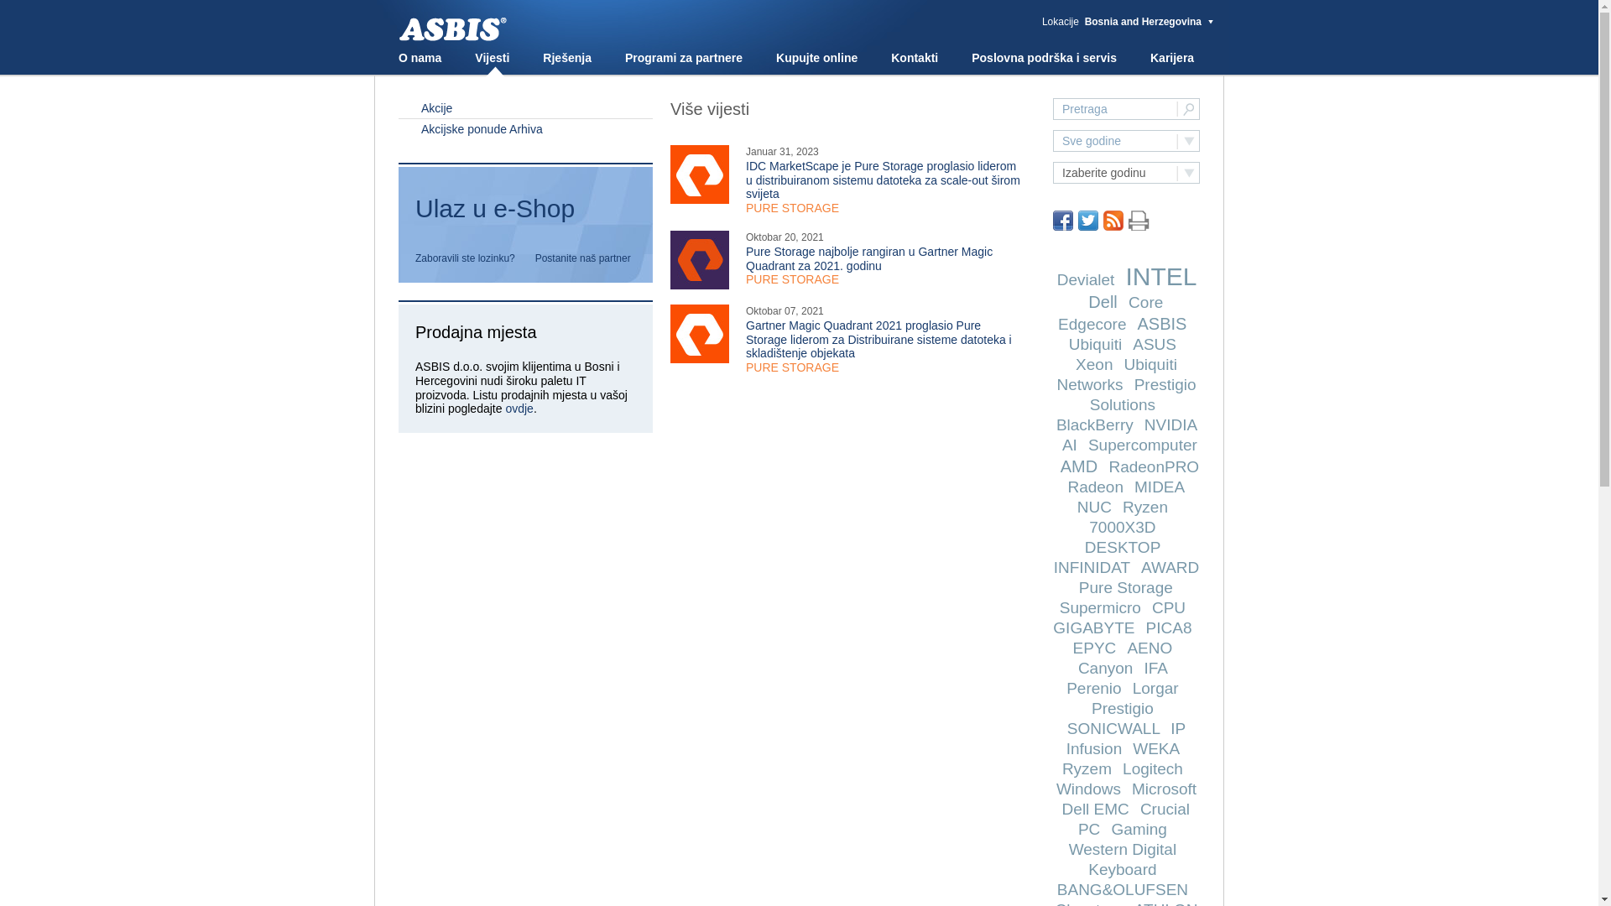 The image size is (1611, 906). I want to click on 'Supermicro', so click(1100, 607).